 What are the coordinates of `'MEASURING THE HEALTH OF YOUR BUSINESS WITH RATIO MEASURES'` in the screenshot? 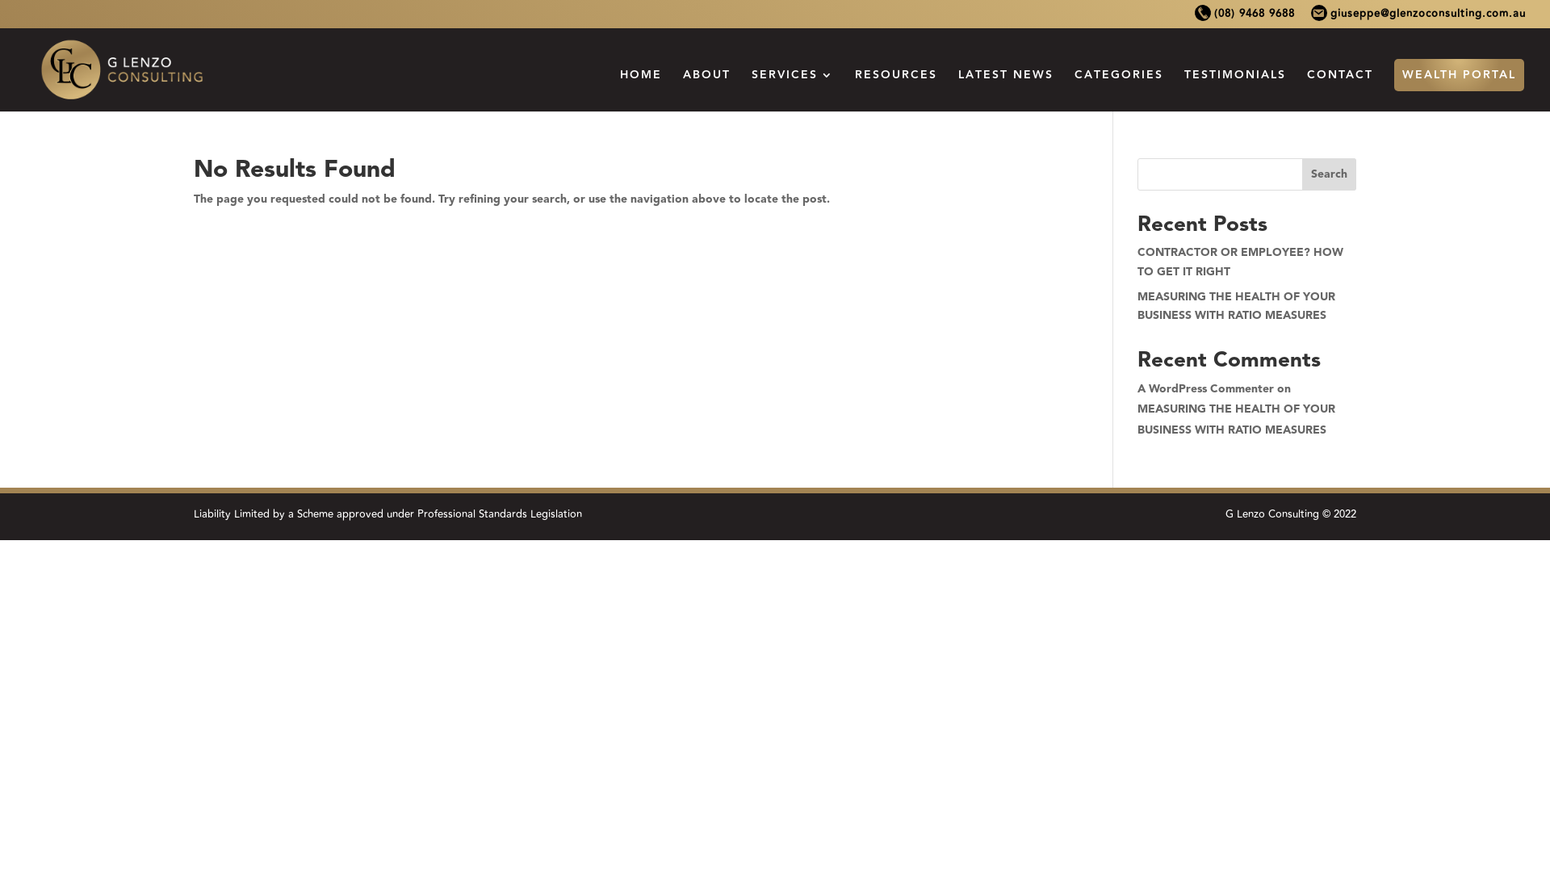 It's located at (1235, 418).